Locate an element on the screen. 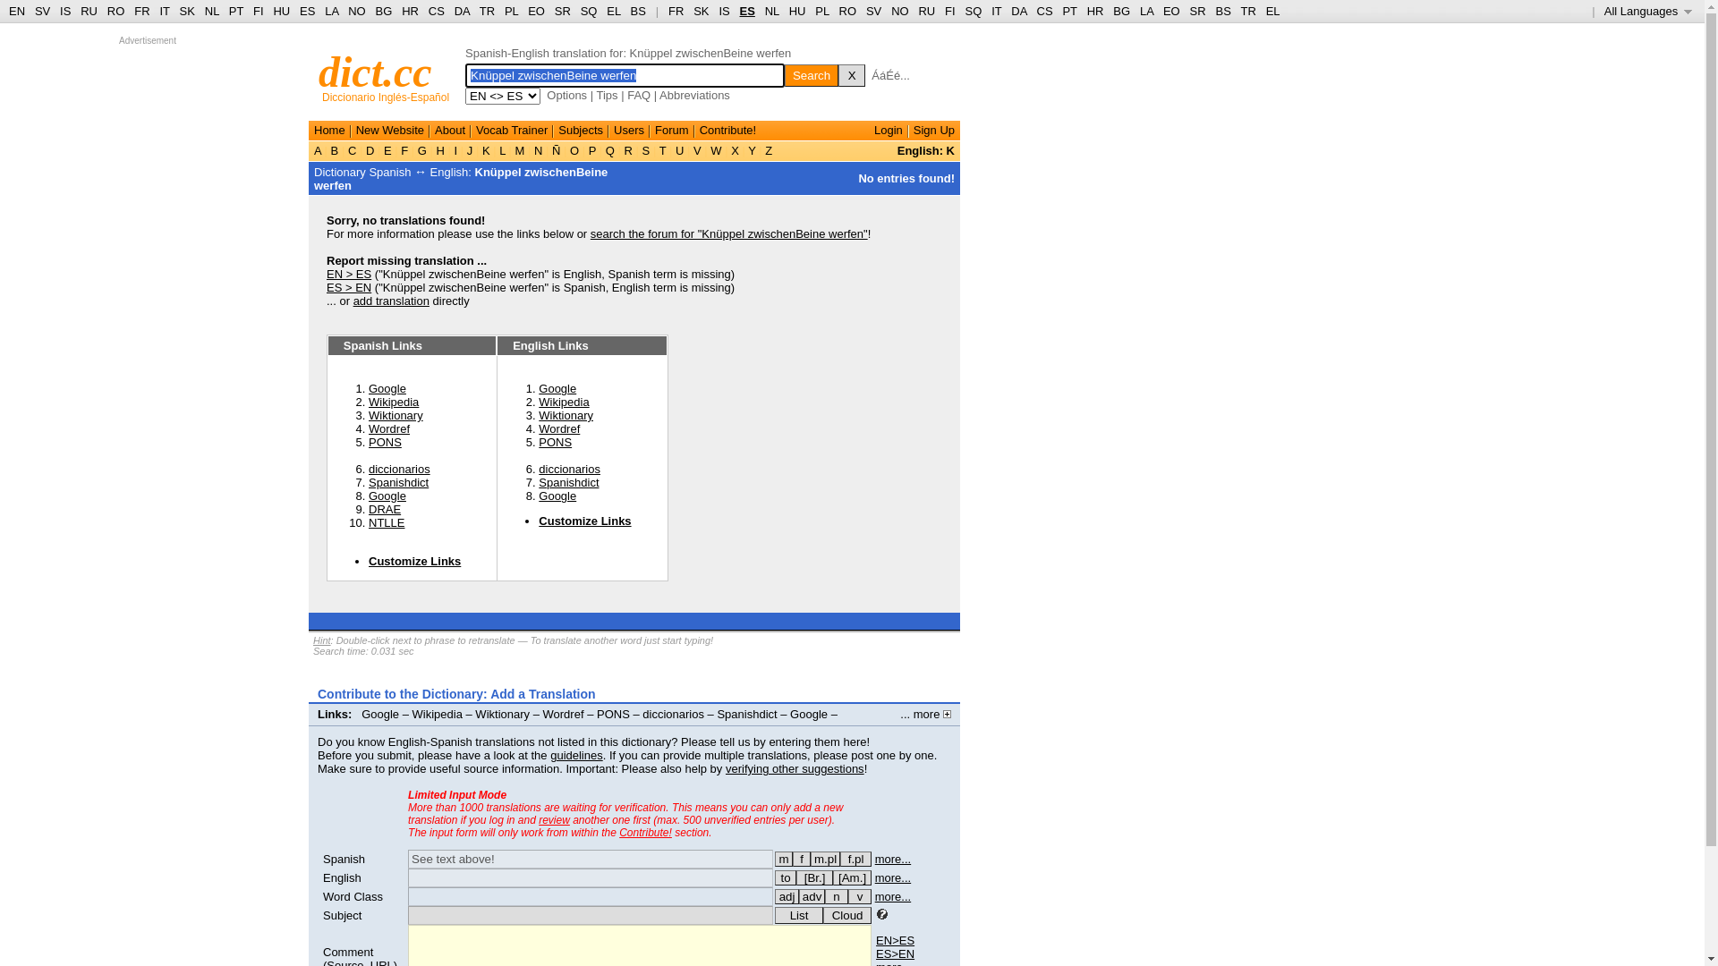 The image size is (1718, 966). 'List' is located at coordinates (774, 915).